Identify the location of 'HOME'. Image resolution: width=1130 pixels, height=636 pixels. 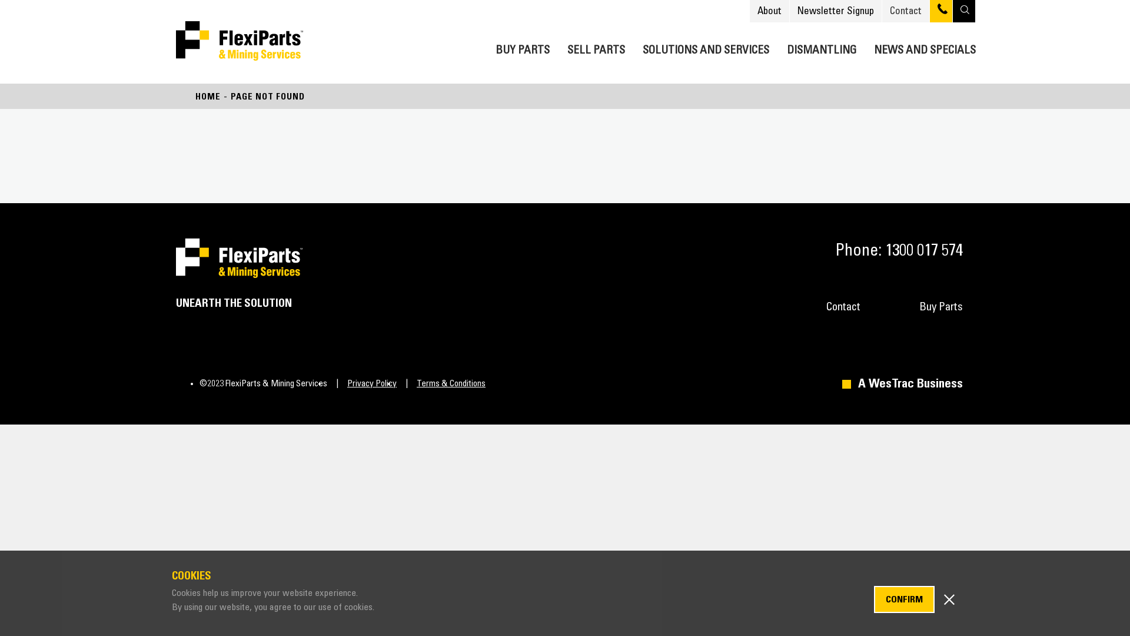
(208, 96).